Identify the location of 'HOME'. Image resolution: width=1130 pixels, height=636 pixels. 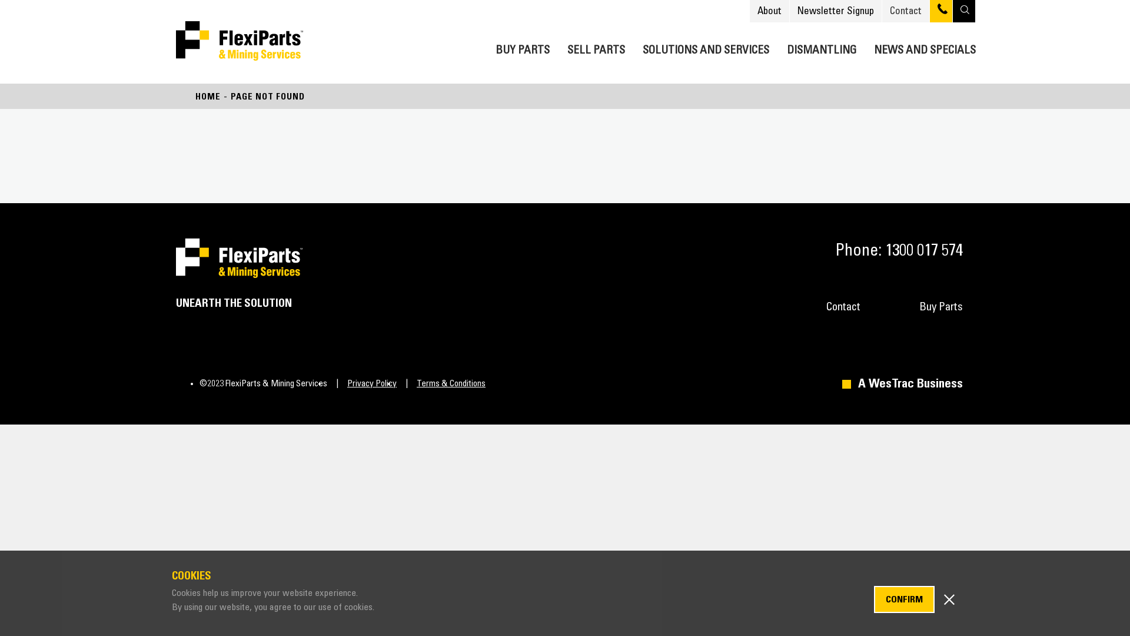
(208, 96).